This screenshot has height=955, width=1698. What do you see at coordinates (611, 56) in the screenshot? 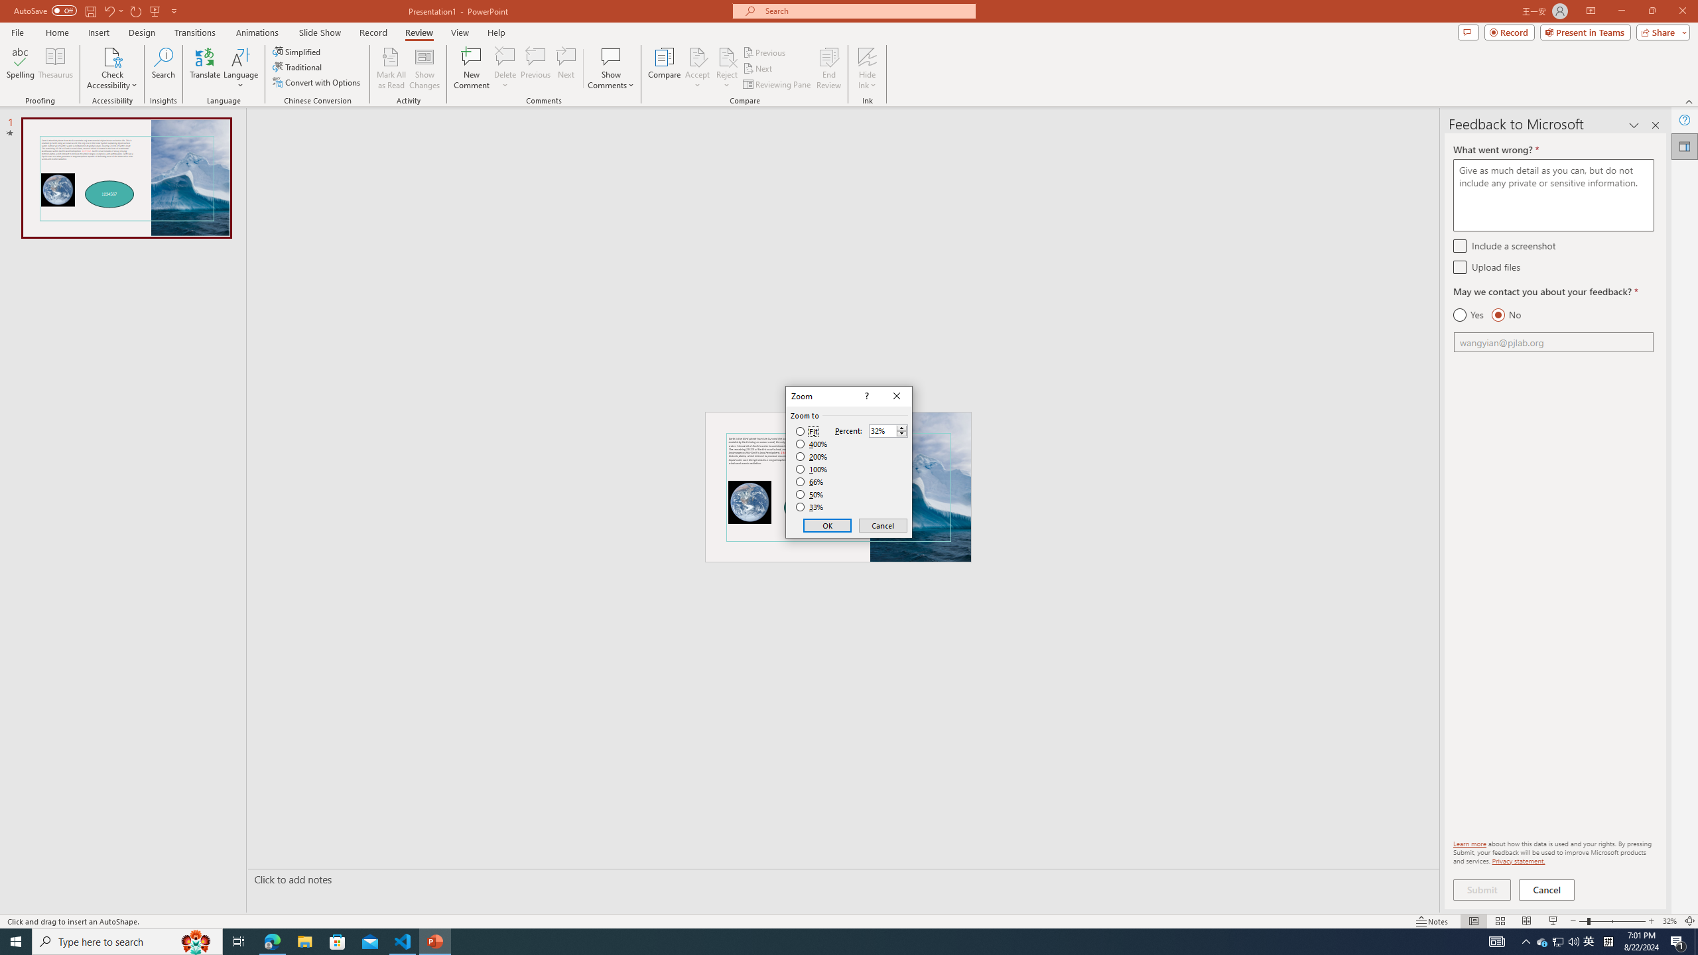
I see `'Show Comments'` at bounding box center [611, 56].